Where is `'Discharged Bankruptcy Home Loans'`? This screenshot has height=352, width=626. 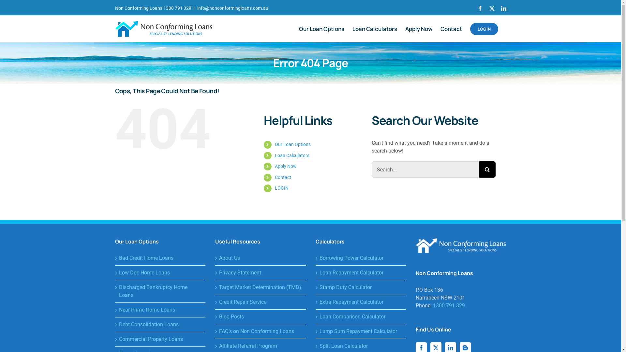
'Discharged Bankruptcy Home Loans' is located at coordinates (160, 291).